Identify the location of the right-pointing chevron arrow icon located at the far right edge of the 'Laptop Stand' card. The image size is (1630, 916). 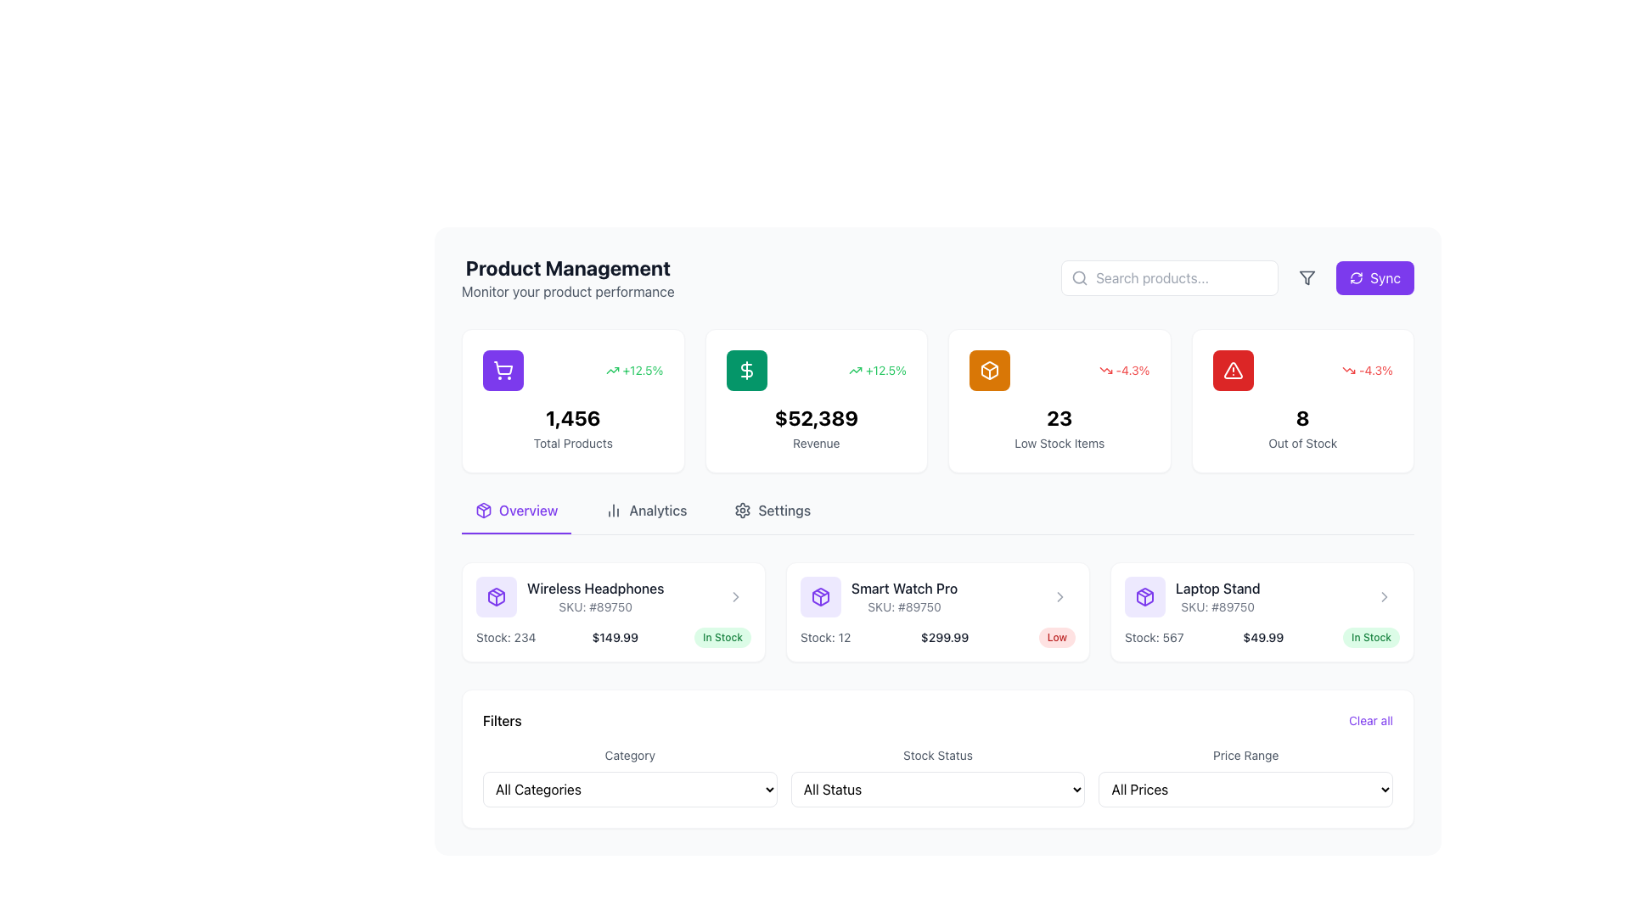
(1385, 596).